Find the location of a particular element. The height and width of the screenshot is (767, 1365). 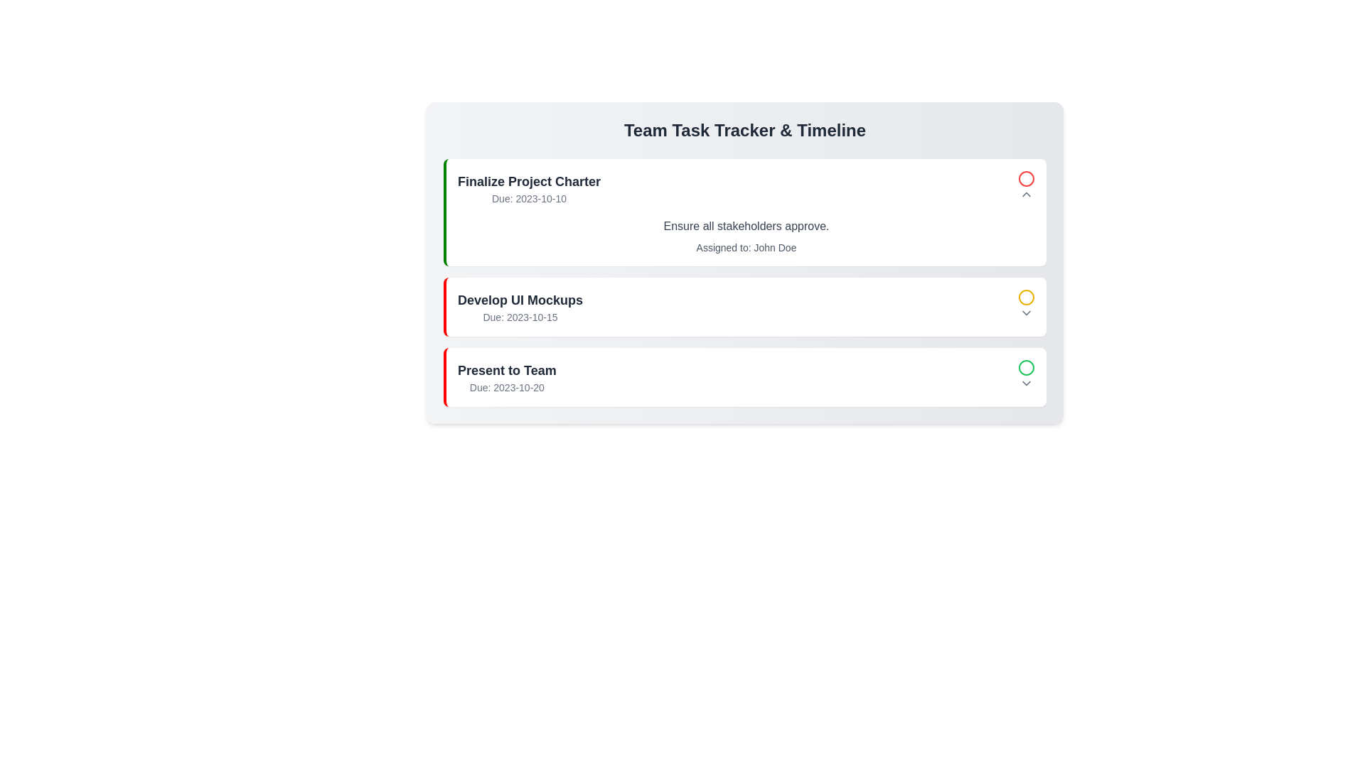

the text display that summarizes the task title and its associated deadline, located at the top-left corner of the first task in the list is located at coordinates (528, 187).